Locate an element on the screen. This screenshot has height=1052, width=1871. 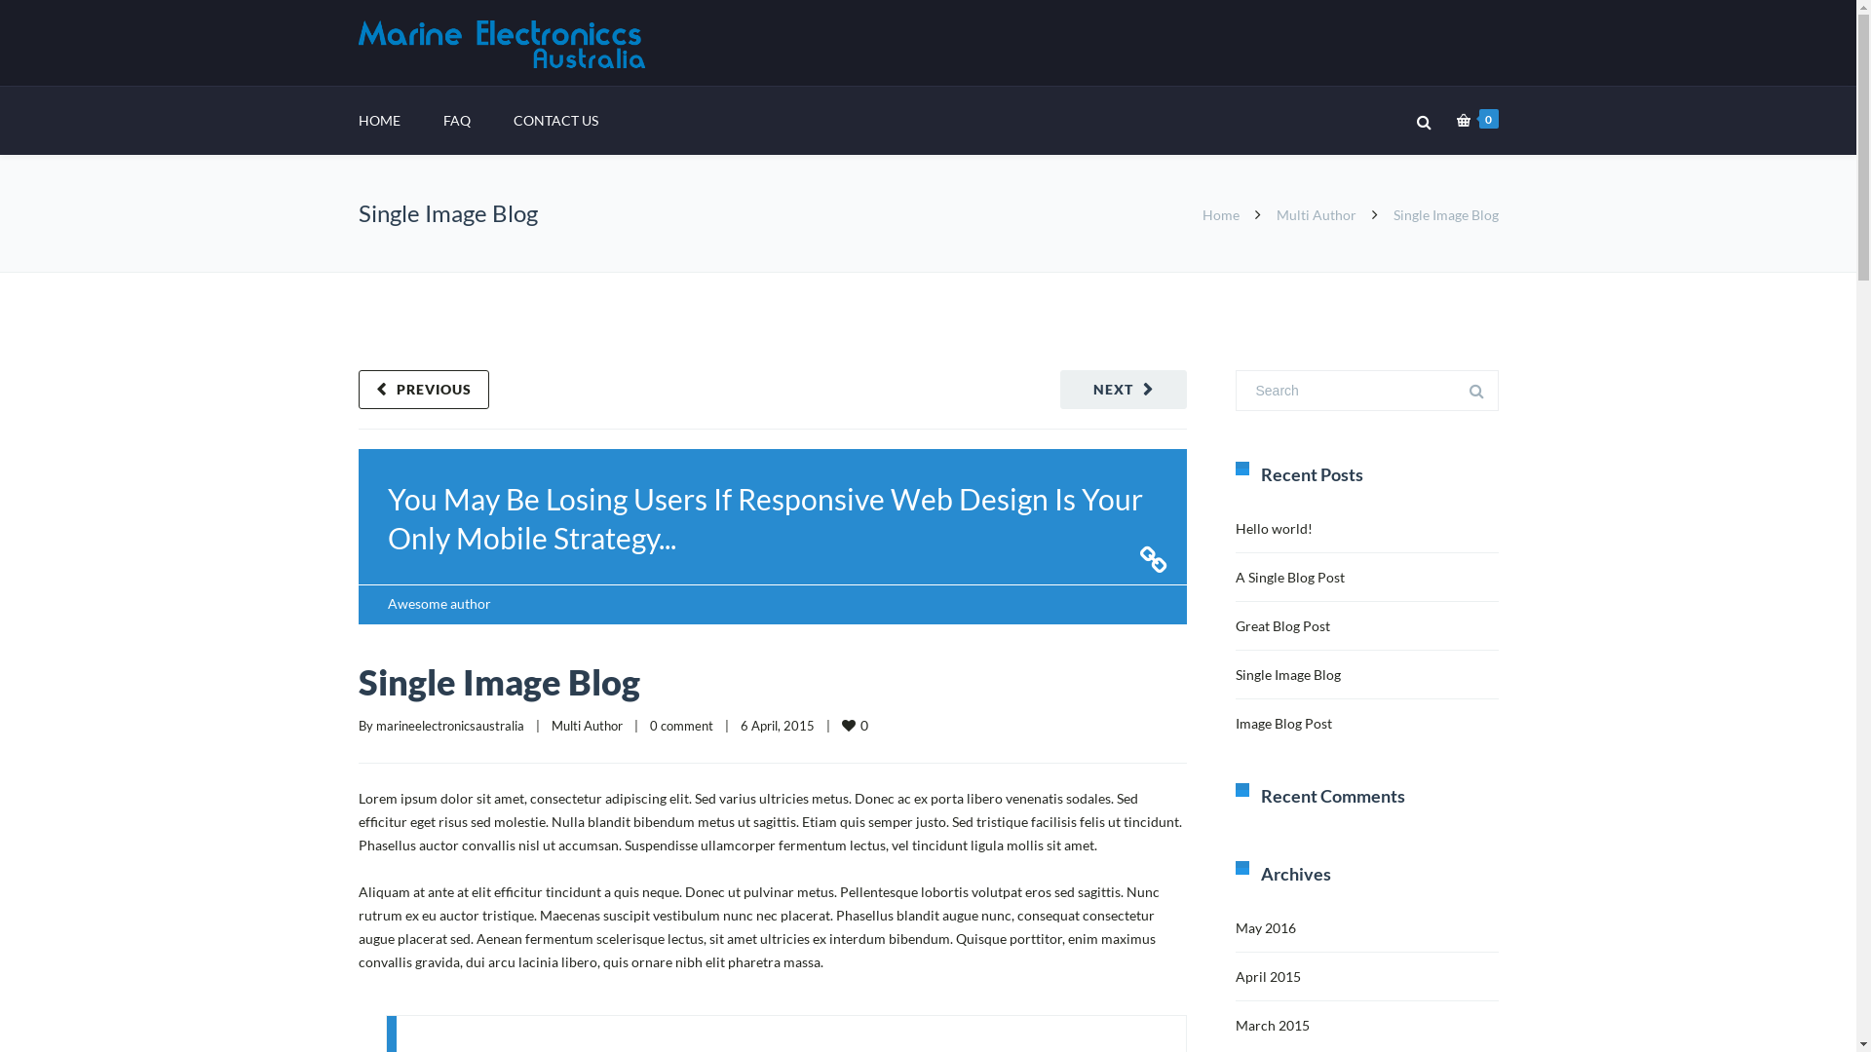
'Marine Electronics Australia' is located at coordinates (505, 44).